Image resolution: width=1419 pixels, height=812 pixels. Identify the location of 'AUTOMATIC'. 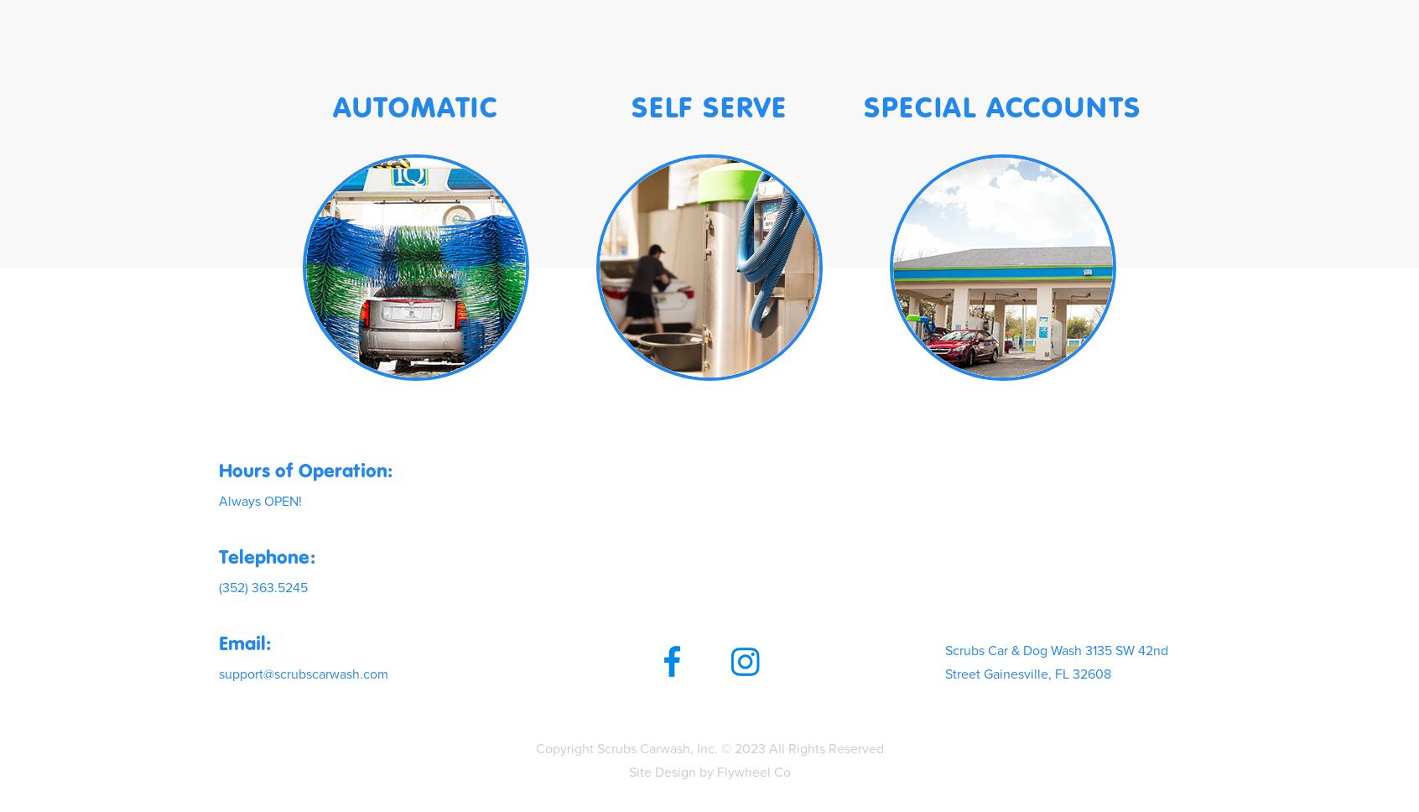
(415, 104).